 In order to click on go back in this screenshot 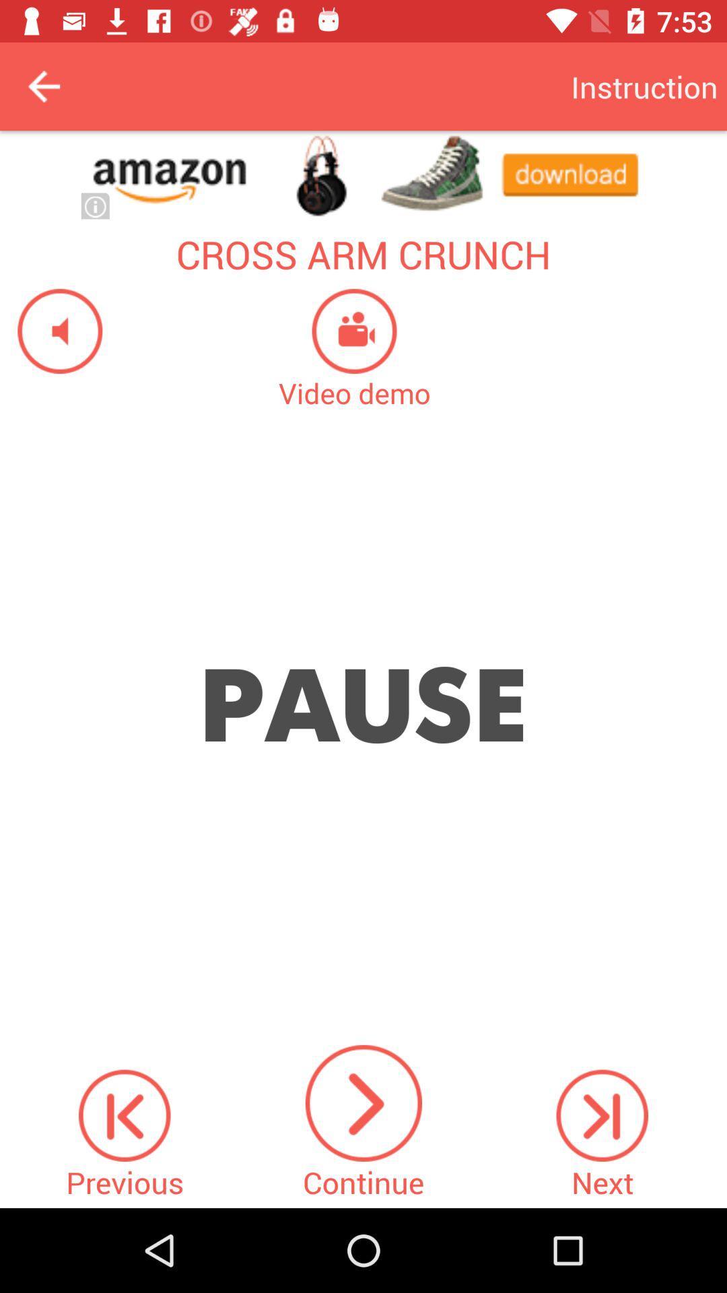, I will do `click(43, 86)`.